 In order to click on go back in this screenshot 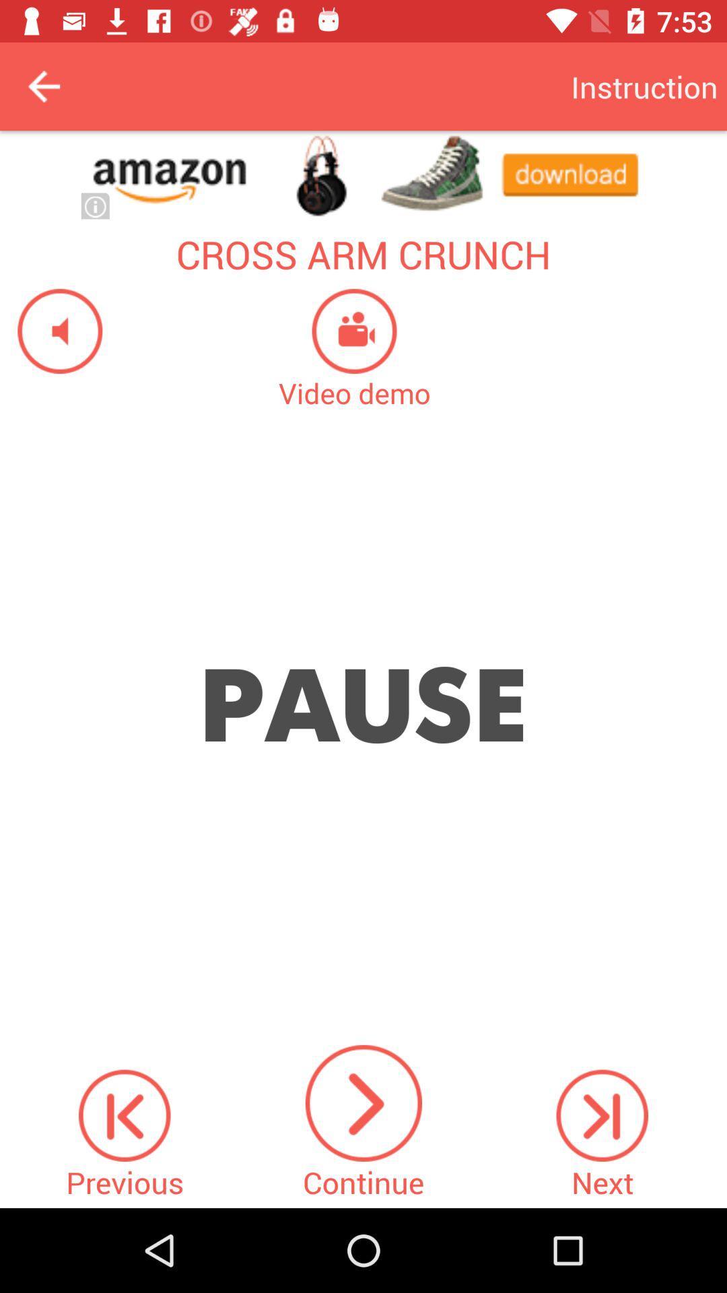, I will do `click(43, 86)`.